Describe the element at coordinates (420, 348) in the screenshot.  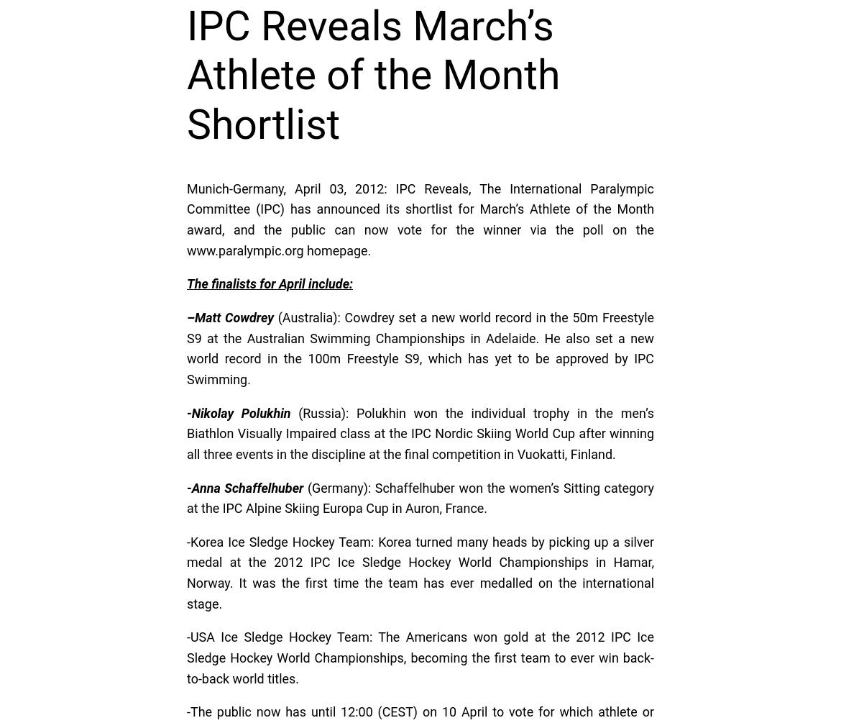
I see `'(Australia): Cowdrey set a new world record in the 50m Freestyle S9 at the Australian Swimming Championships in Adelaide. He also set a new world record in the 100m Freestyle S9, which has yet to be approved by IPC Swimming.'` at that location.